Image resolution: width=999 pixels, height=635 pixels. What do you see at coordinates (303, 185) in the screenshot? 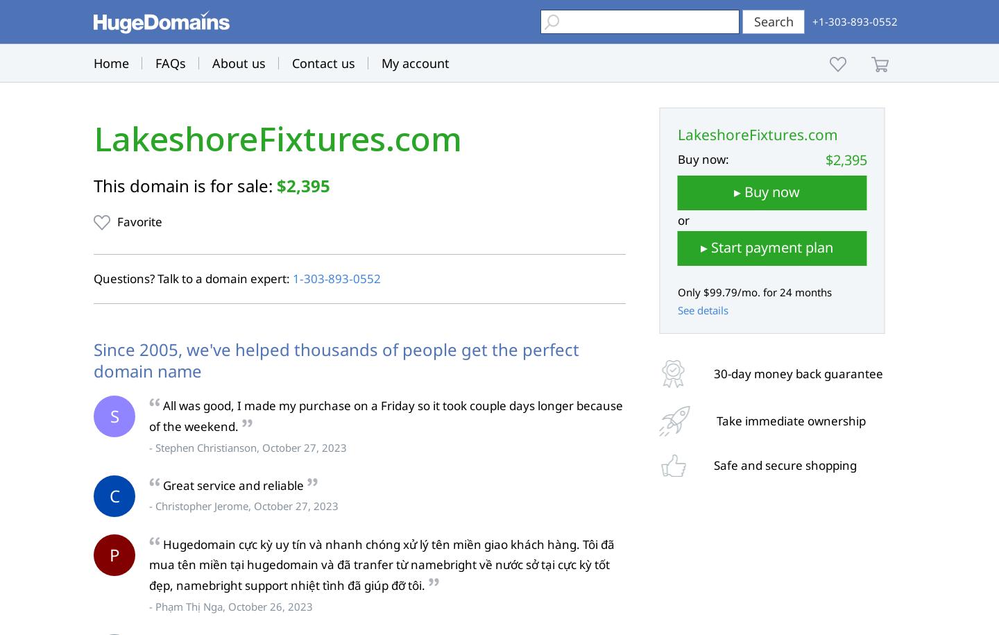
I see `'$2,395'` at bounding box center [303, 185].